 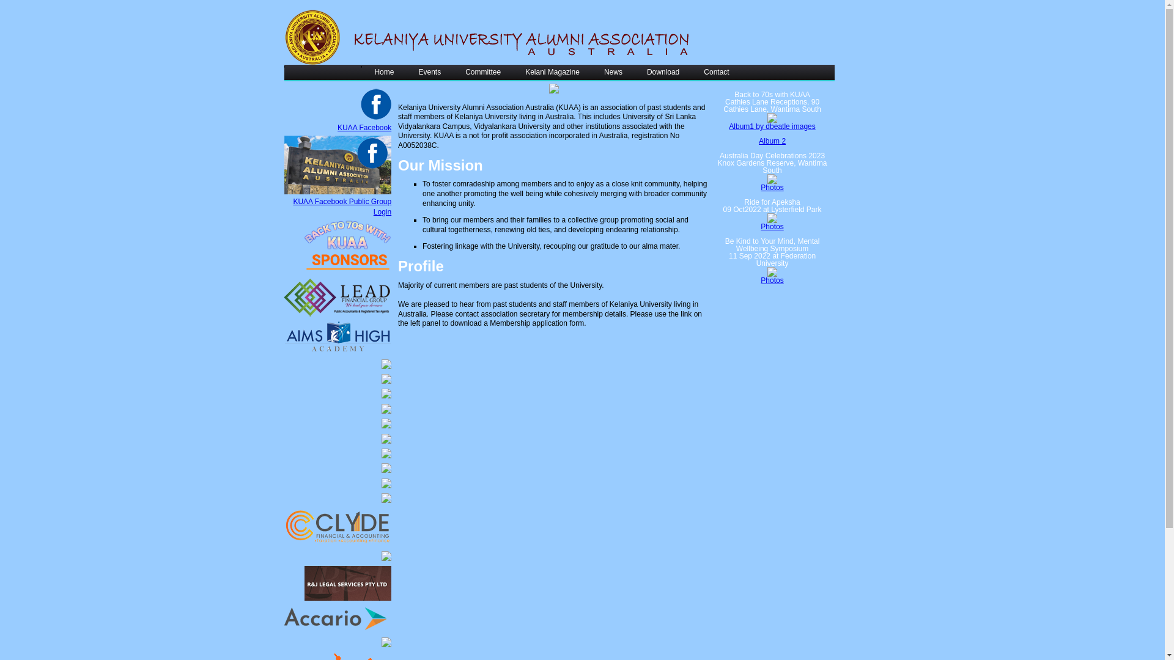 I want to click on 'KUAA Facebook', so click(x=363, y=127).